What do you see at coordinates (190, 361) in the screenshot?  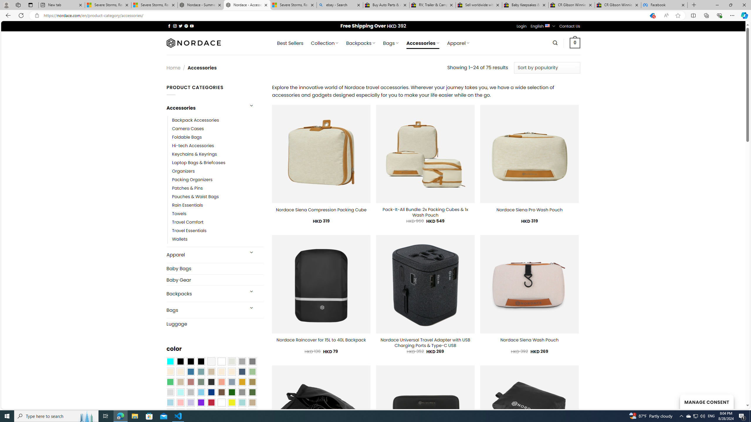 I see `'Black'` at bounding box center [190, 361].